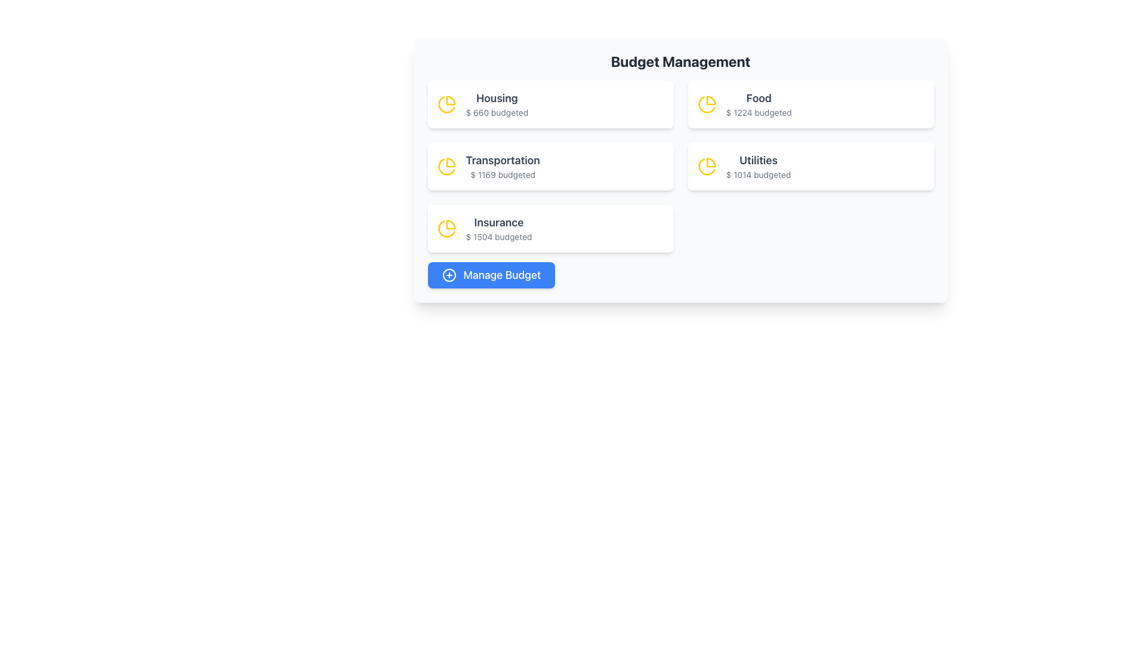 Image resolution: width=1146 pixels, height=645 pixels. I want to click on text content of the Text element displaying '$ 1169 budgeted', which is located under the 'Transportation' title in the budget items grid, so click(503, 175).